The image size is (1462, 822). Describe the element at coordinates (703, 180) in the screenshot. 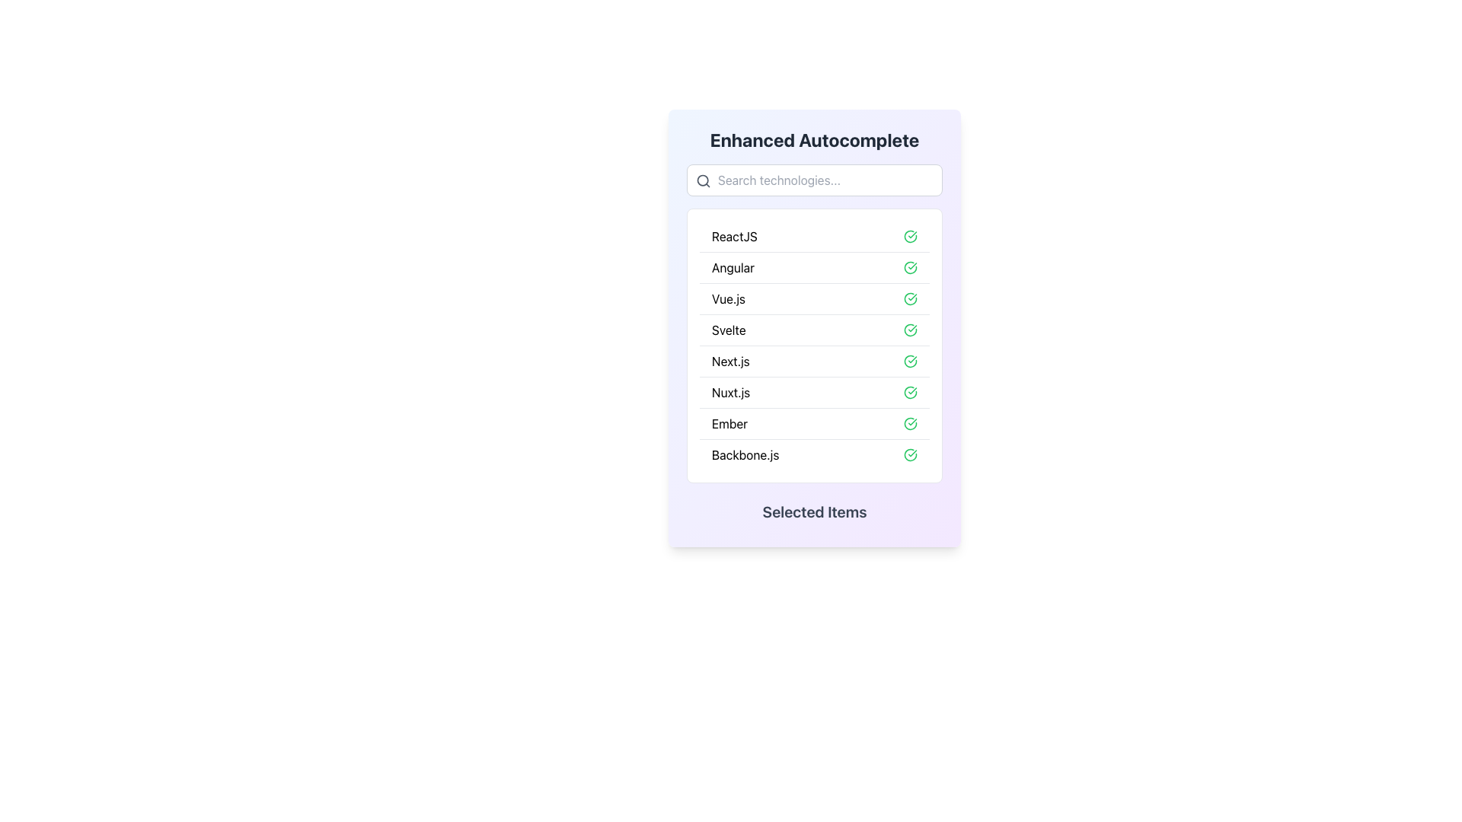

I see `the active search indicator magnifying glass icon located in the top-left corner of the rounded input box` at that location.